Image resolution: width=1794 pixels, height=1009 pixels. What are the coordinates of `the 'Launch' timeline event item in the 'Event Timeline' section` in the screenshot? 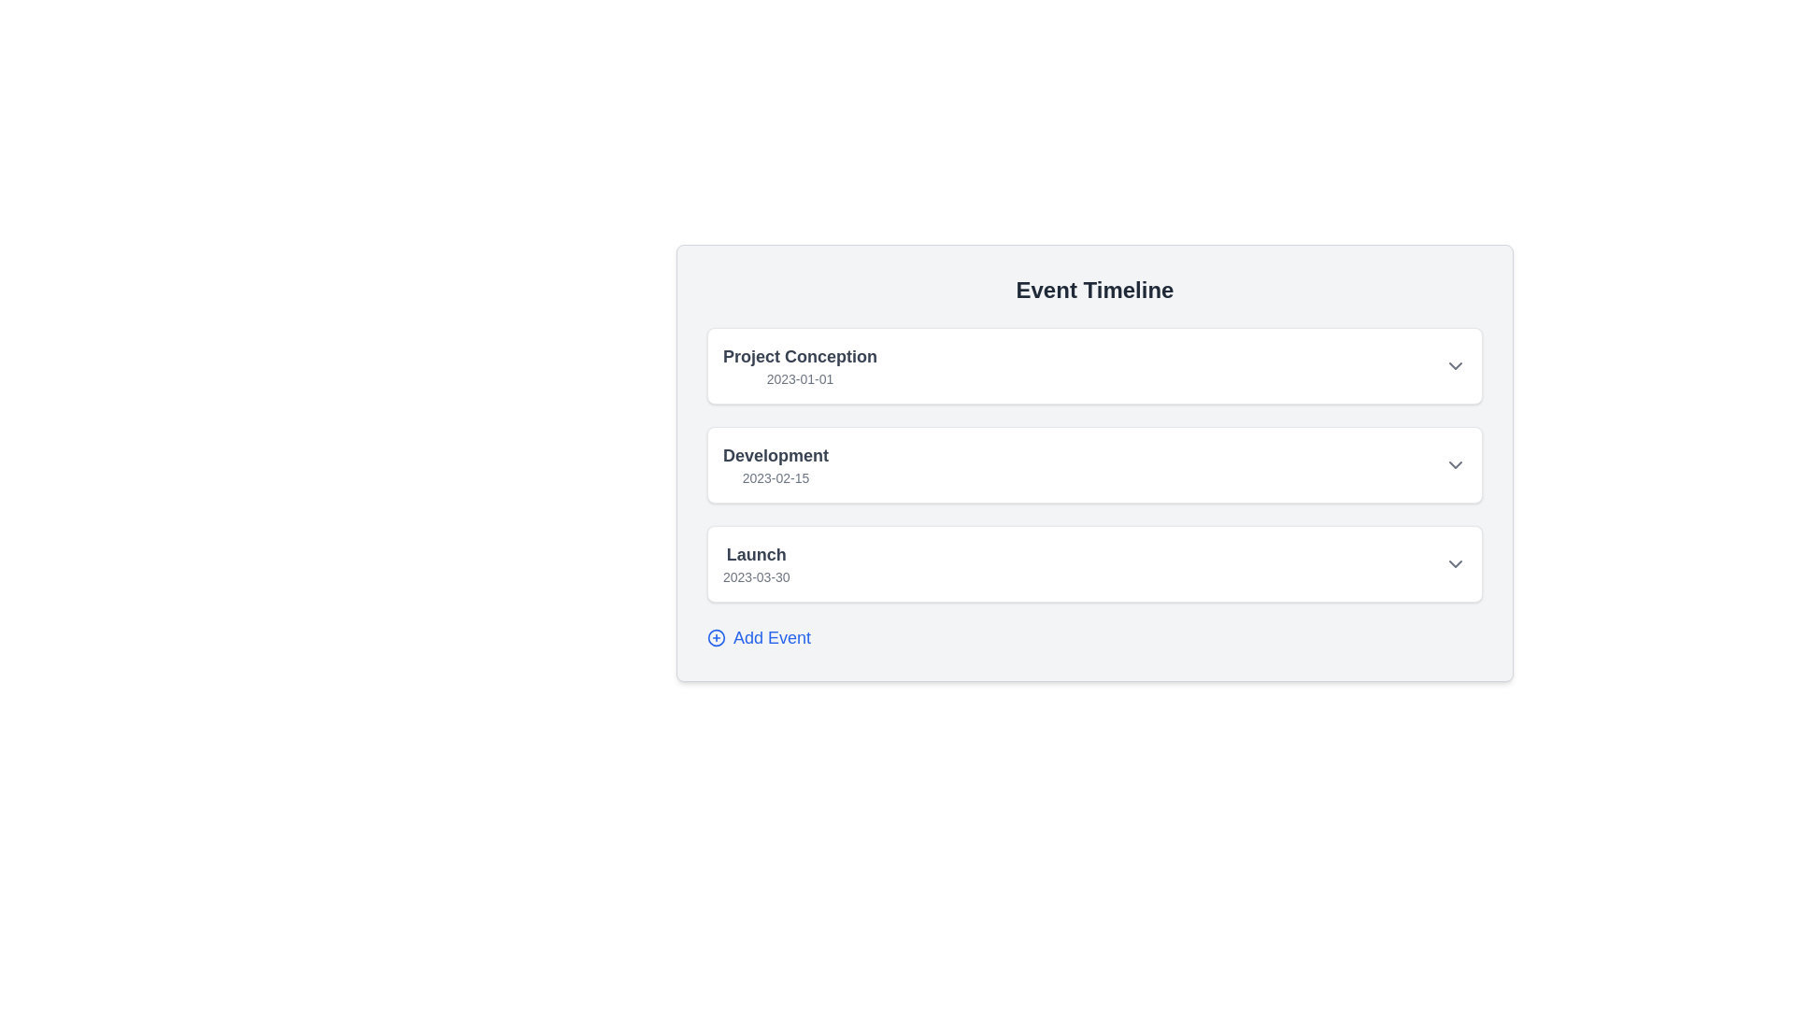 It's located at (1094, 563).